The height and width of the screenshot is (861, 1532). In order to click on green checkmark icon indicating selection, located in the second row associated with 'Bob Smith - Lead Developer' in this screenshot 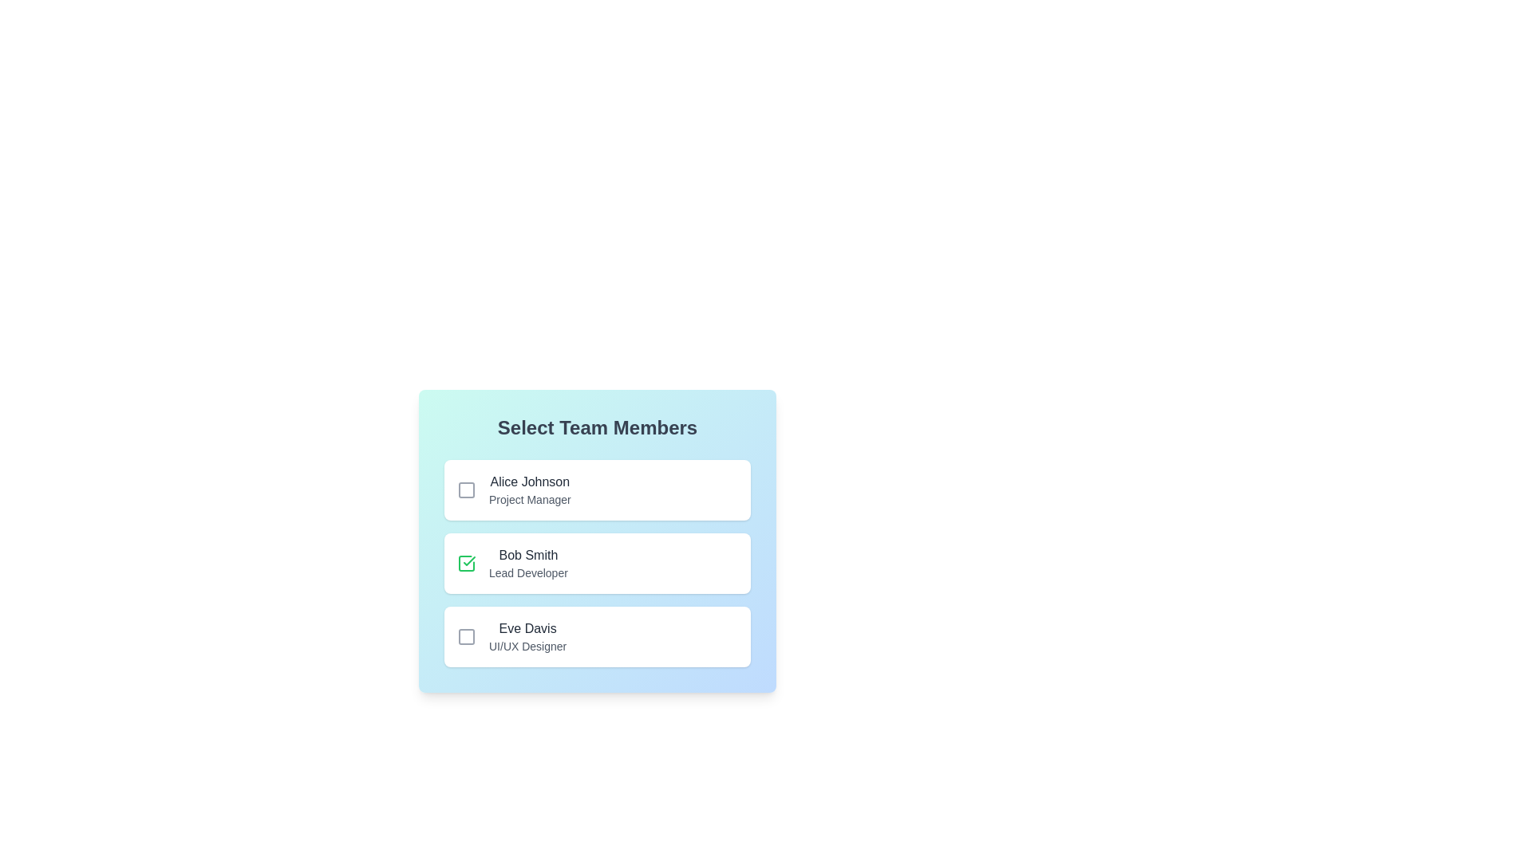, I will do `click(466, 562)`.